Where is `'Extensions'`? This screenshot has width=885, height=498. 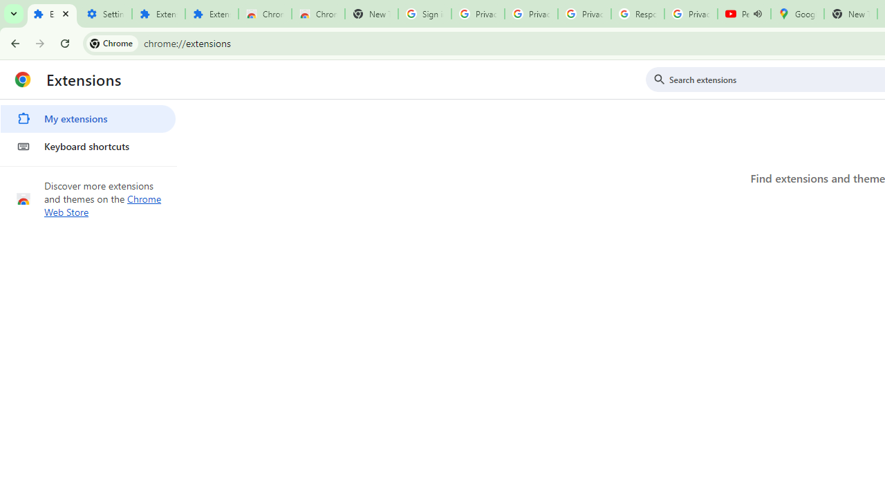
'Extensions' is located at coordinates (158, 14).